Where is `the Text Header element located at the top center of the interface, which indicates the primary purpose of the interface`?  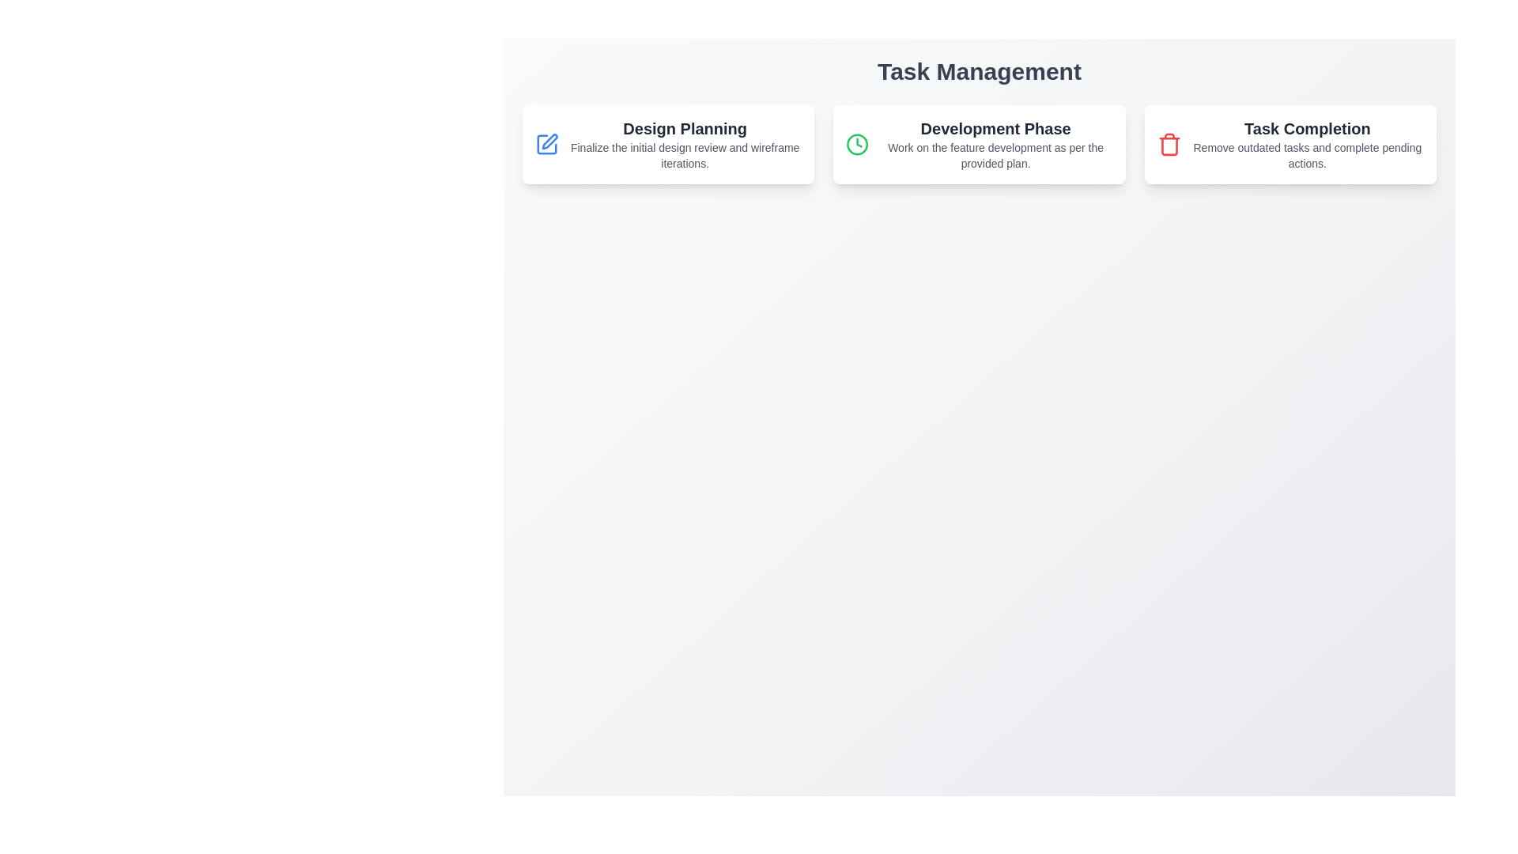
the Text Header element located at the top center of the interface, which indicates the primary purpose of the interface is located at coordinates (978, 72).